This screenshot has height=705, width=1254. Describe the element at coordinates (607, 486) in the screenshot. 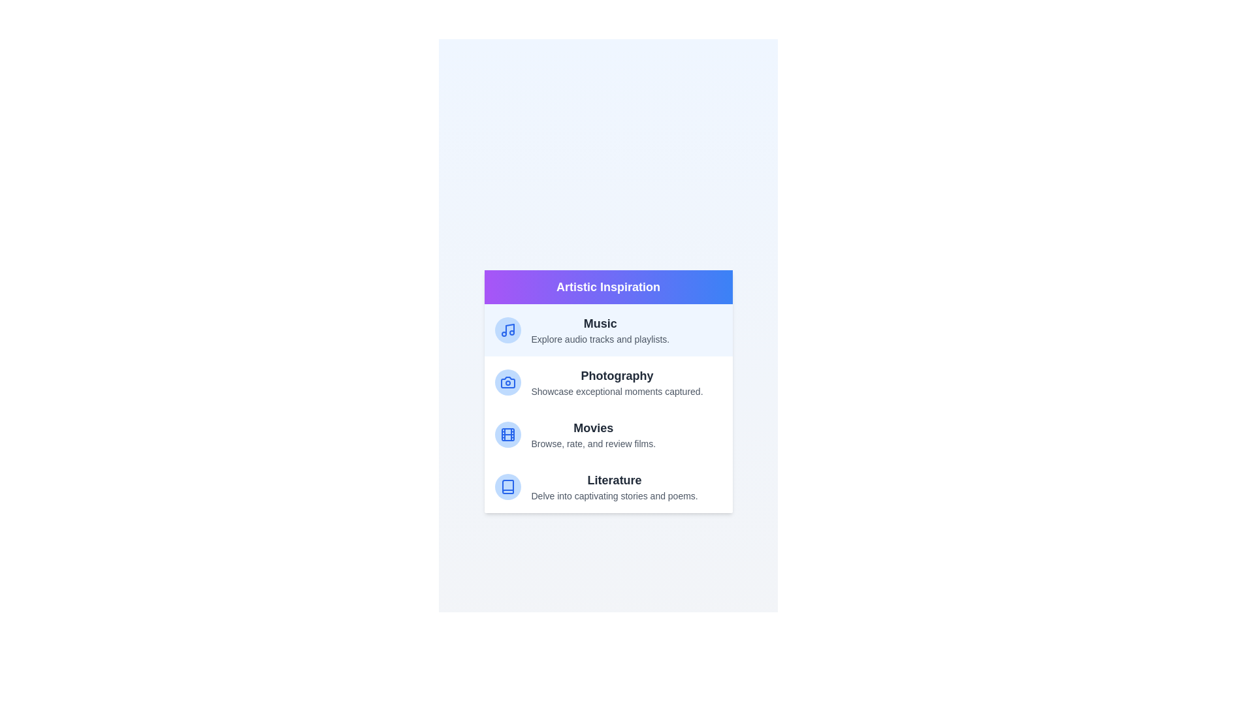

I see `the category Literature to read its description` at that location.